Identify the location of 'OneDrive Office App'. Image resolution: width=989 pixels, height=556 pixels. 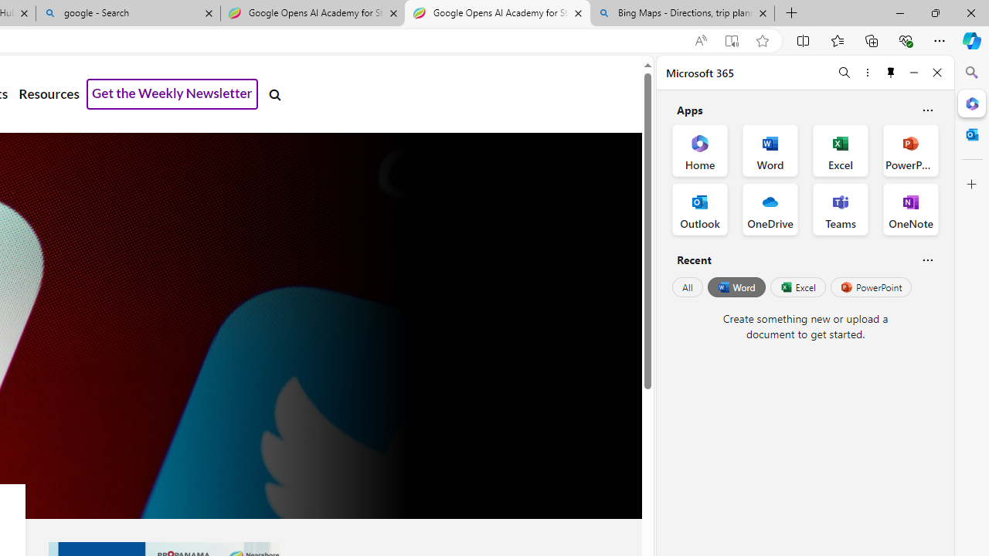
(770, 209).